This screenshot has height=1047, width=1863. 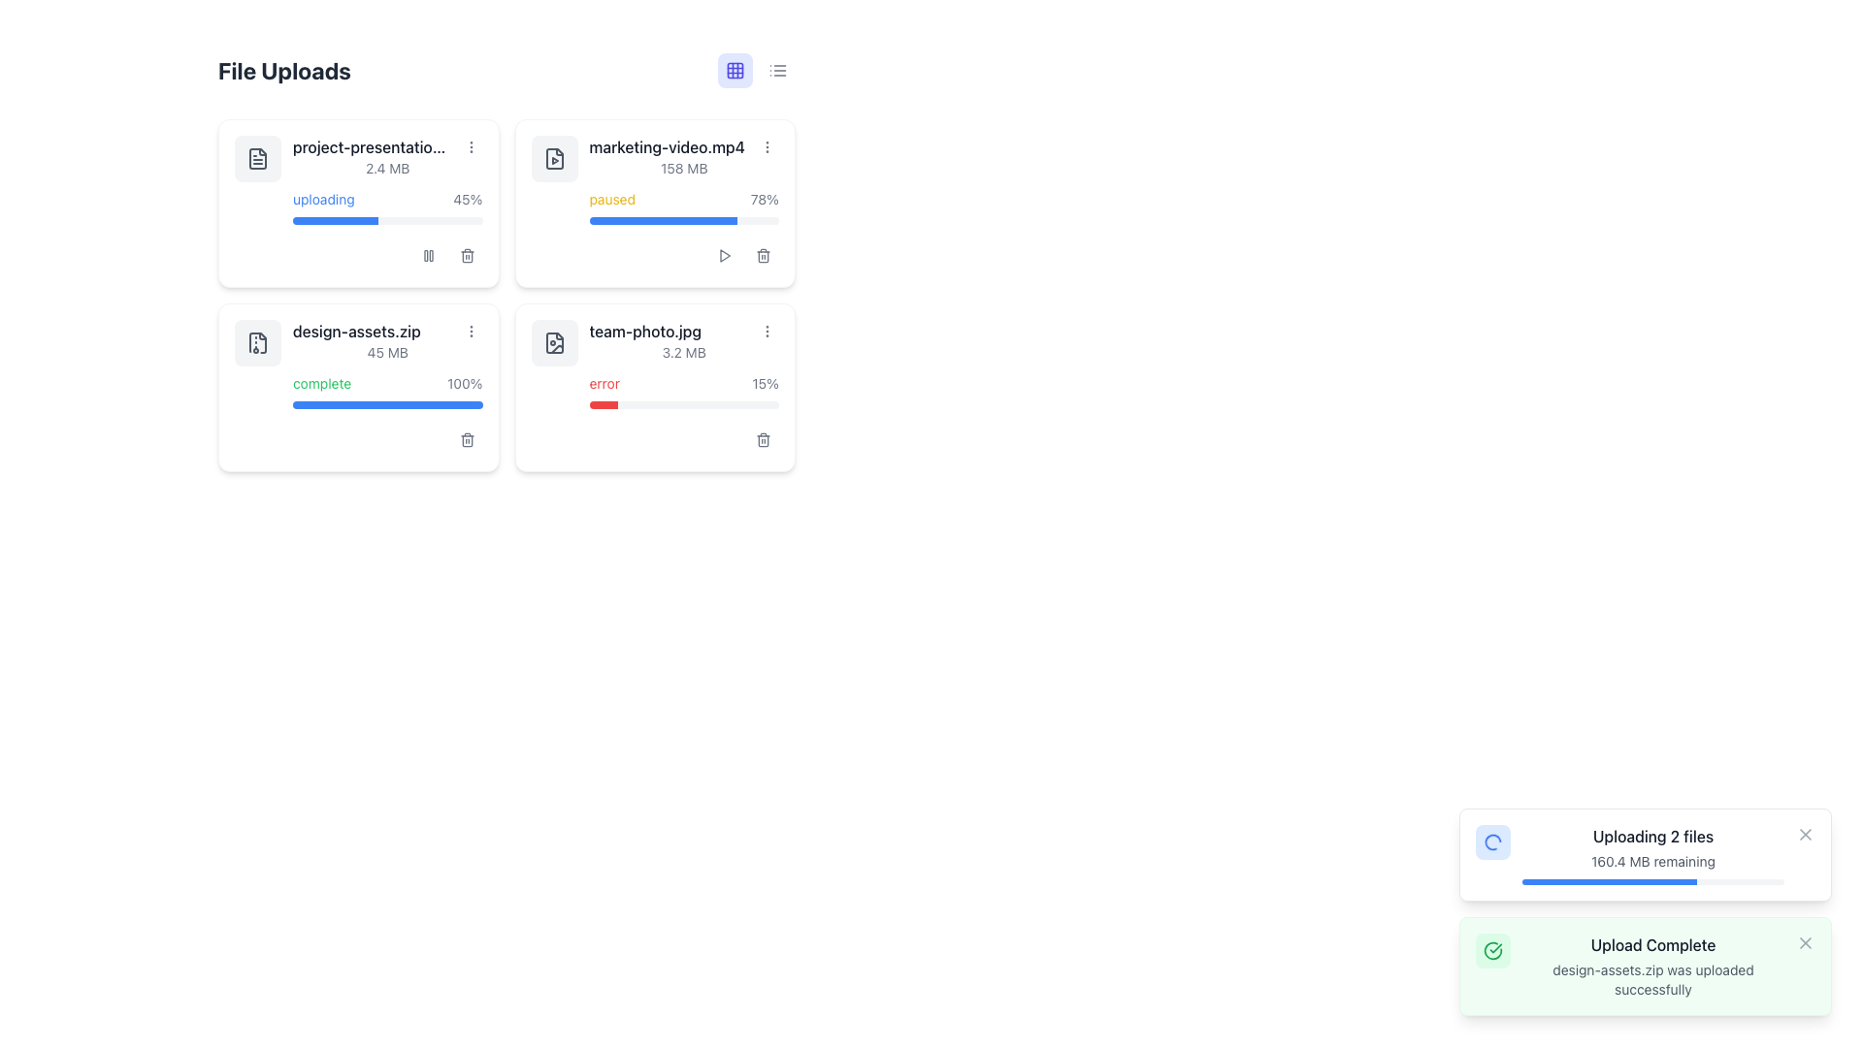 I want to click on the icon button resembling a diagonal cross in the top-right corner of the green notification panel that indicates successful file upload to change its color, so click(x=1805, y=941).